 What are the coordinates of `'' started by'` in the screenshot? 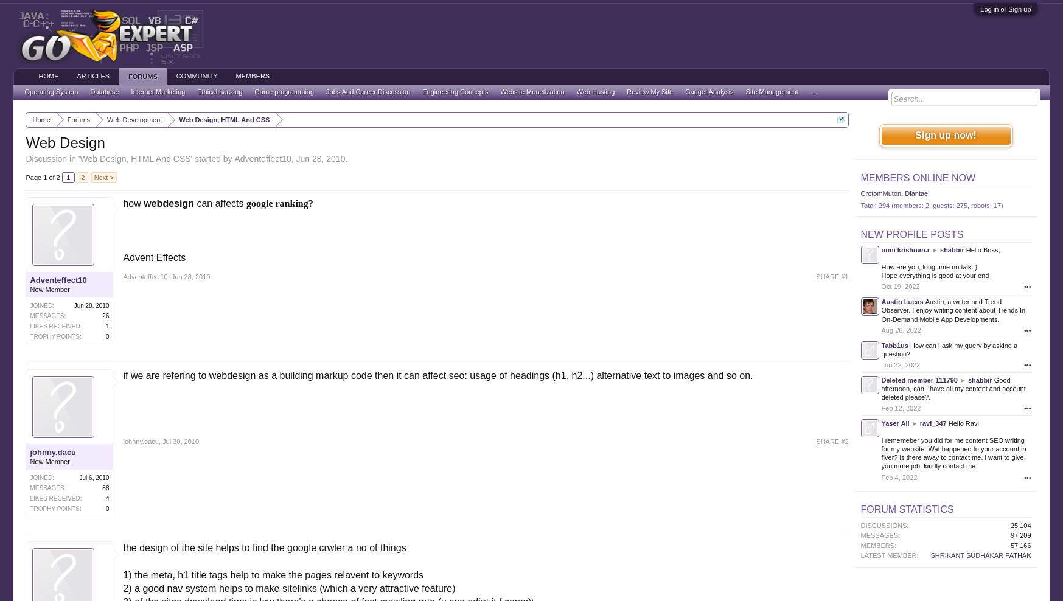 It's located at (212, 158).